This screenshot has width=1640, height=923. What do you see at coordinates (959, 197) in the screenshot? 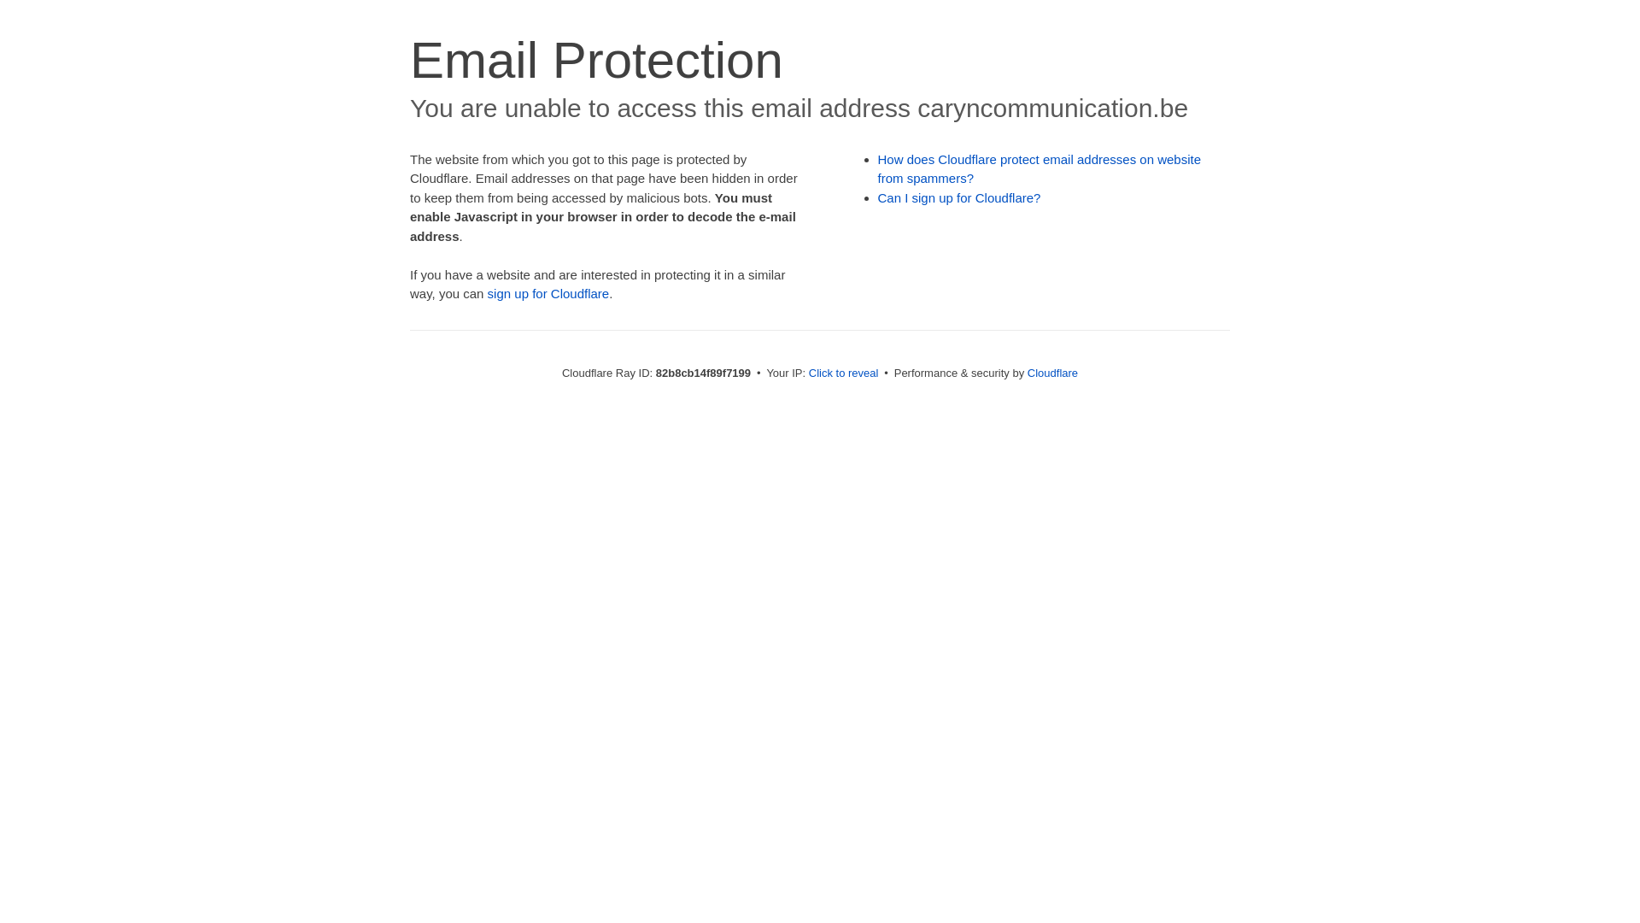
I see `'Can I sign up for Cloudflare?'` at bounding box center [959, 197].